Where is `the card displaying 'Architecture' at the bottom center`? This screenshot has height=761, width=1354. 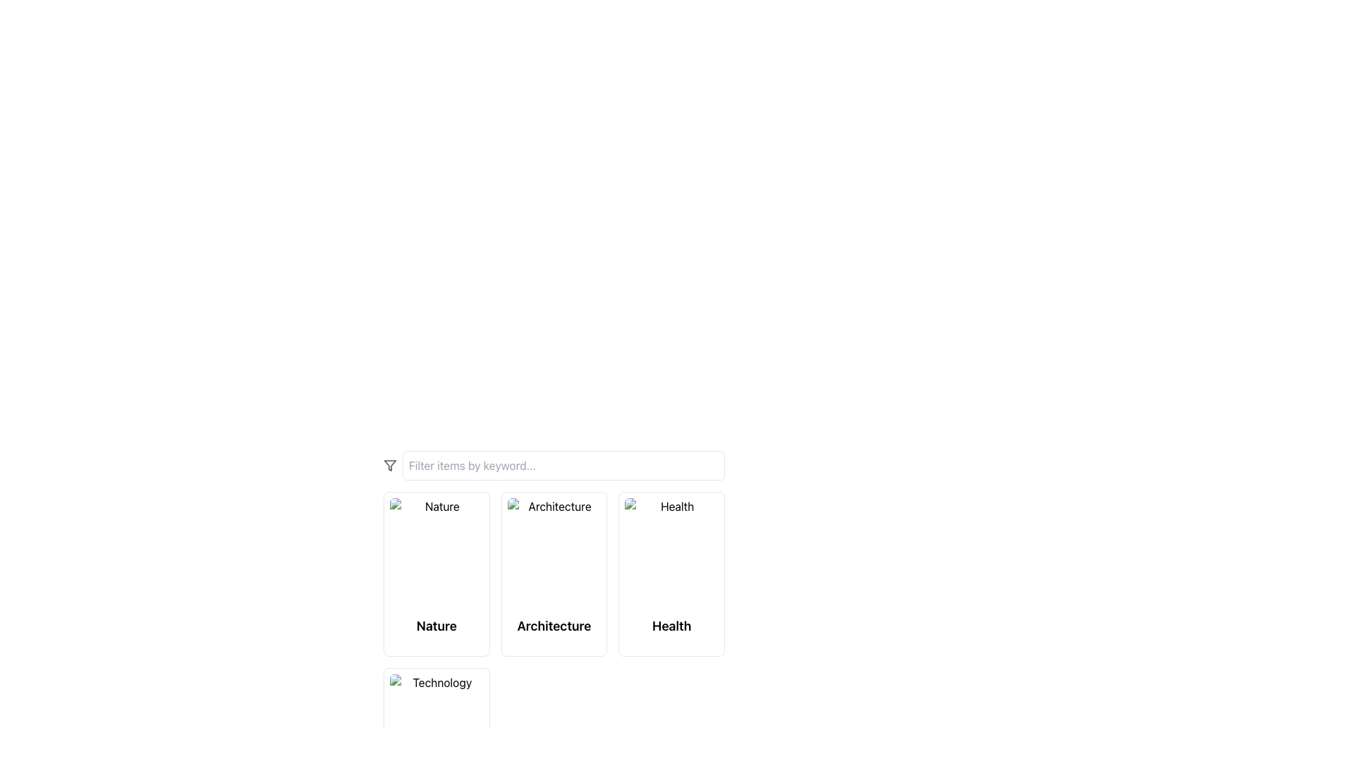 the card displaying 'Architecture' at the bottom center is located at coordinates (554, 576).